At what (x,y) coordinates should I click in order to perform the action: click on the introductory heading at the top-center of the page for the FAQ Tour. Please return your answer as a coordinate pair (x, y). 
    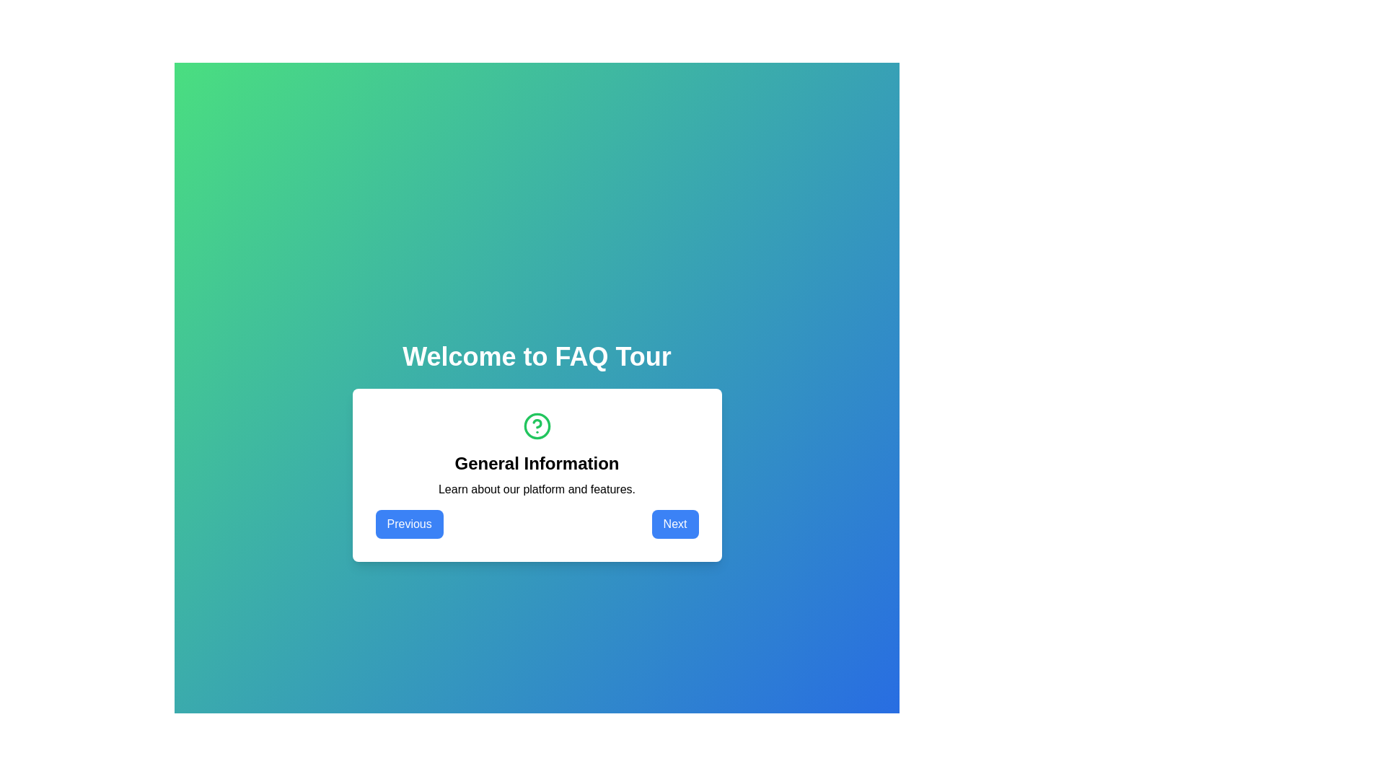
    Looking at the image, I should click on (536, 356).